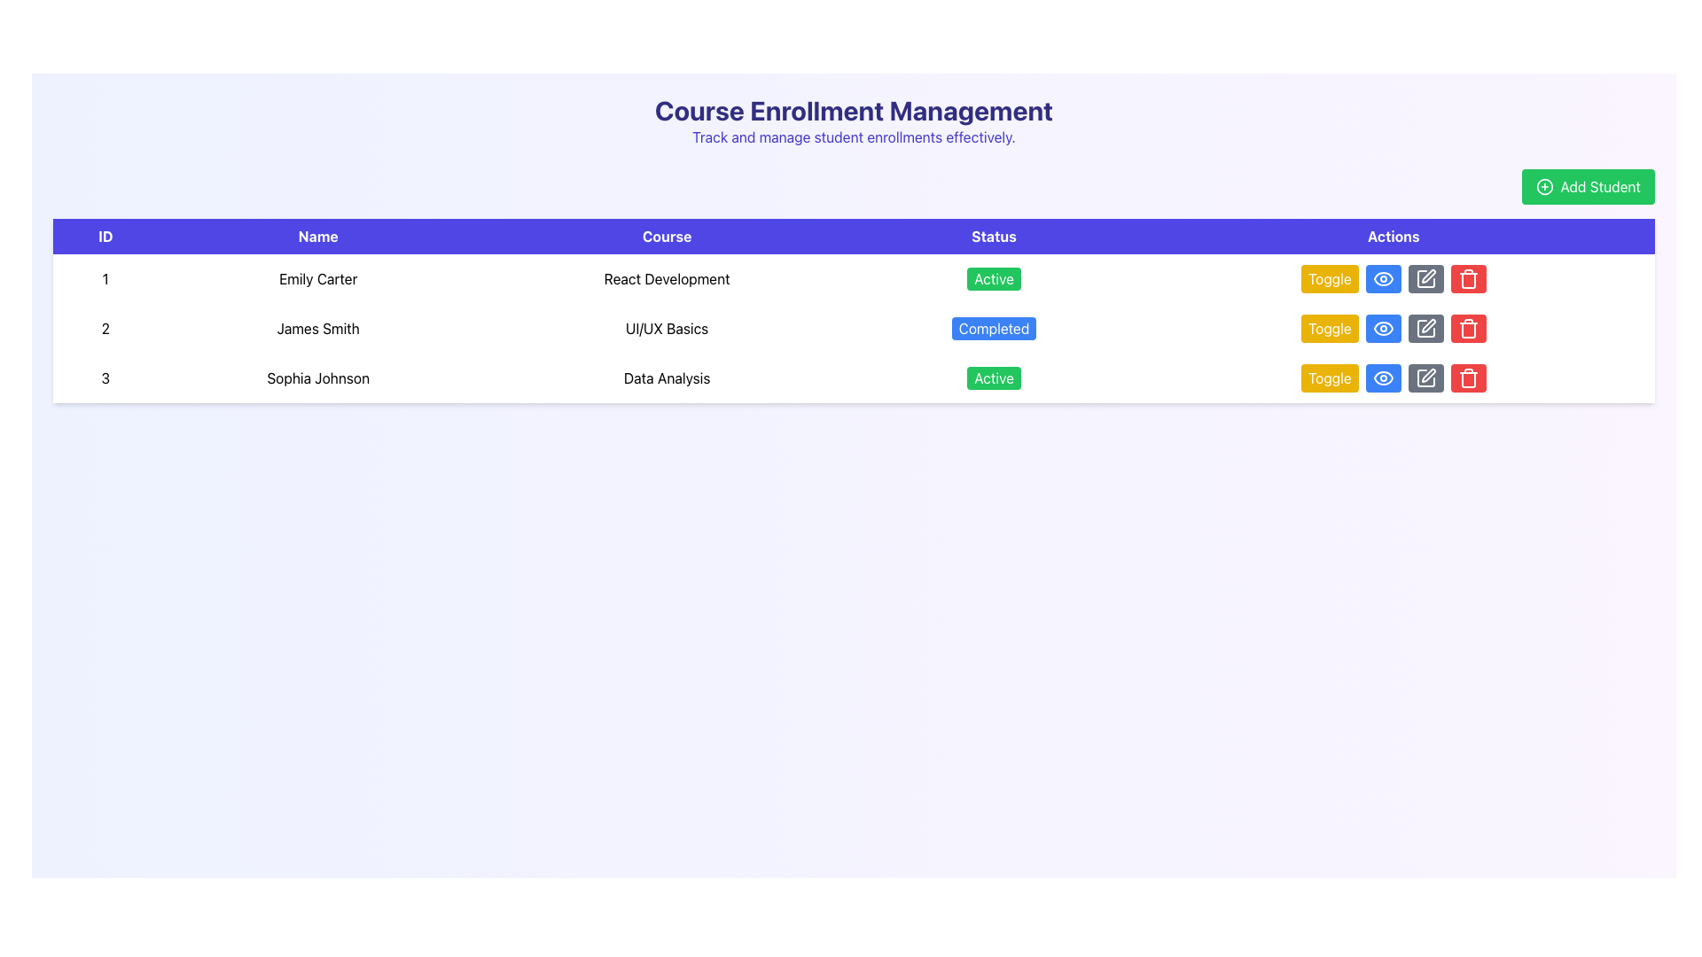 The image size is (1702, 957). Describe the element at coordinates (994, 377) in the screenshot. I see `the pill-shaped label with a bright green background that reads 'Active' in the 'Status' column of the third row under 'Course Enrollment Management.'` at that location.